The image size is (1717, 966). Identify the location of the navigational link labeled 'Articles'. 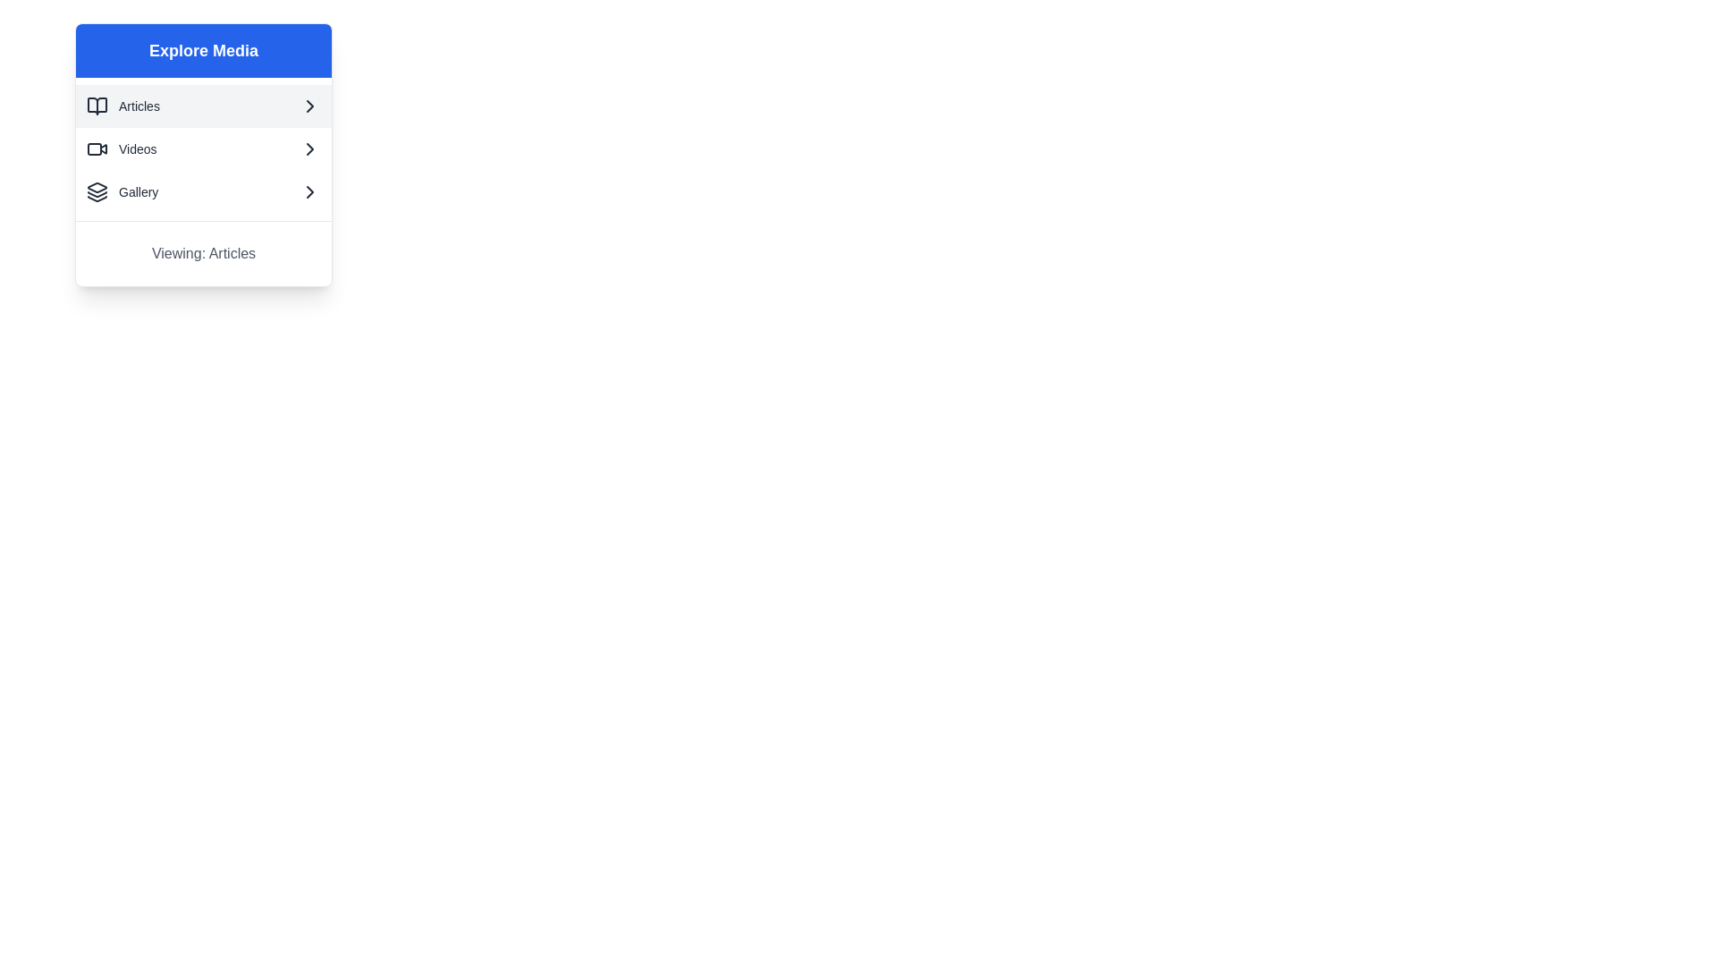
(203, 106).